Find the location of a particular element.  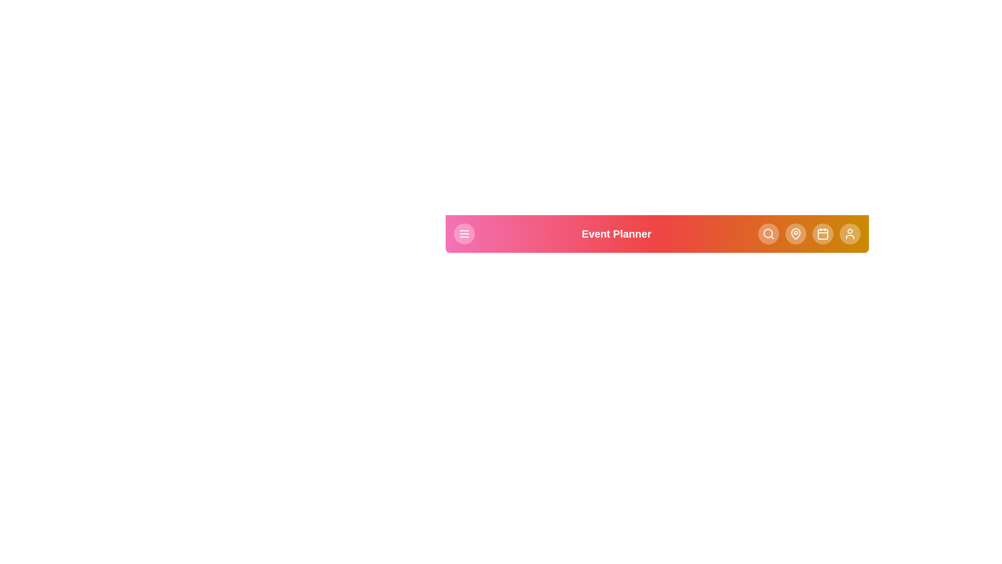

the menu button to toggle the menu is located at coordinates (463, 233).